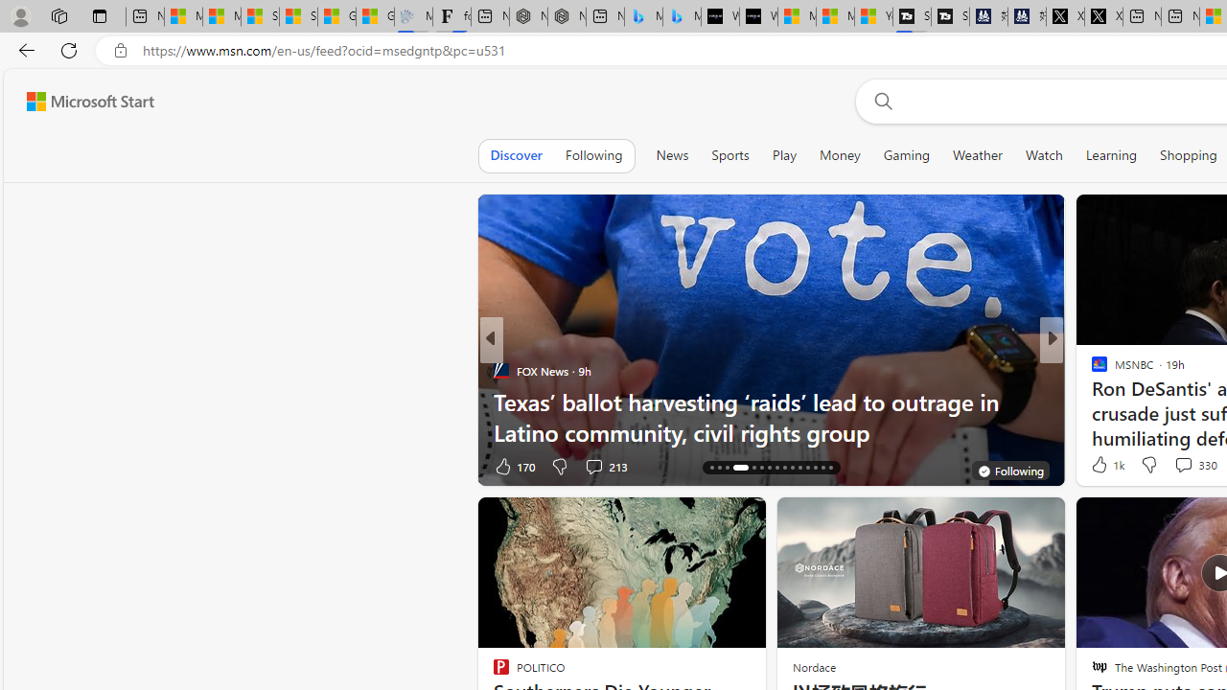  I want to click on 'View comments 6 Comment', so click(1189, 466).